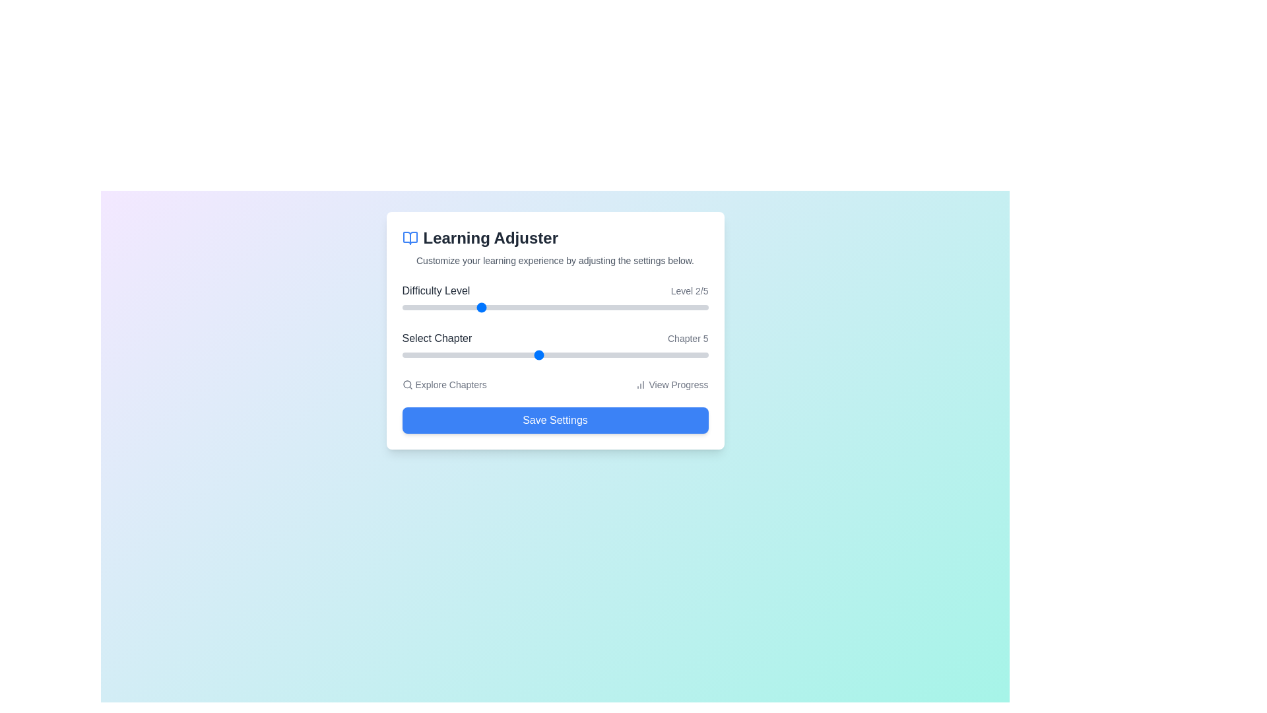 This screenshot has height=713, width=1267. I want to click on the chapter selection slider, so click(436, 354).